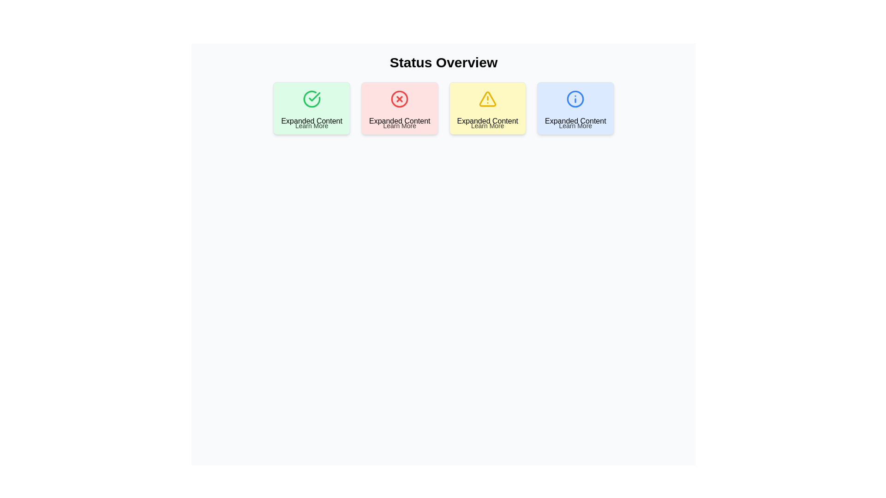 This screenshot has height=498, width=886. What do you see at coordinates (487, 99) in the screenshot?
I see `the central warning icon within the third status indicator box from the left for information` at bounding box center [487, 99].